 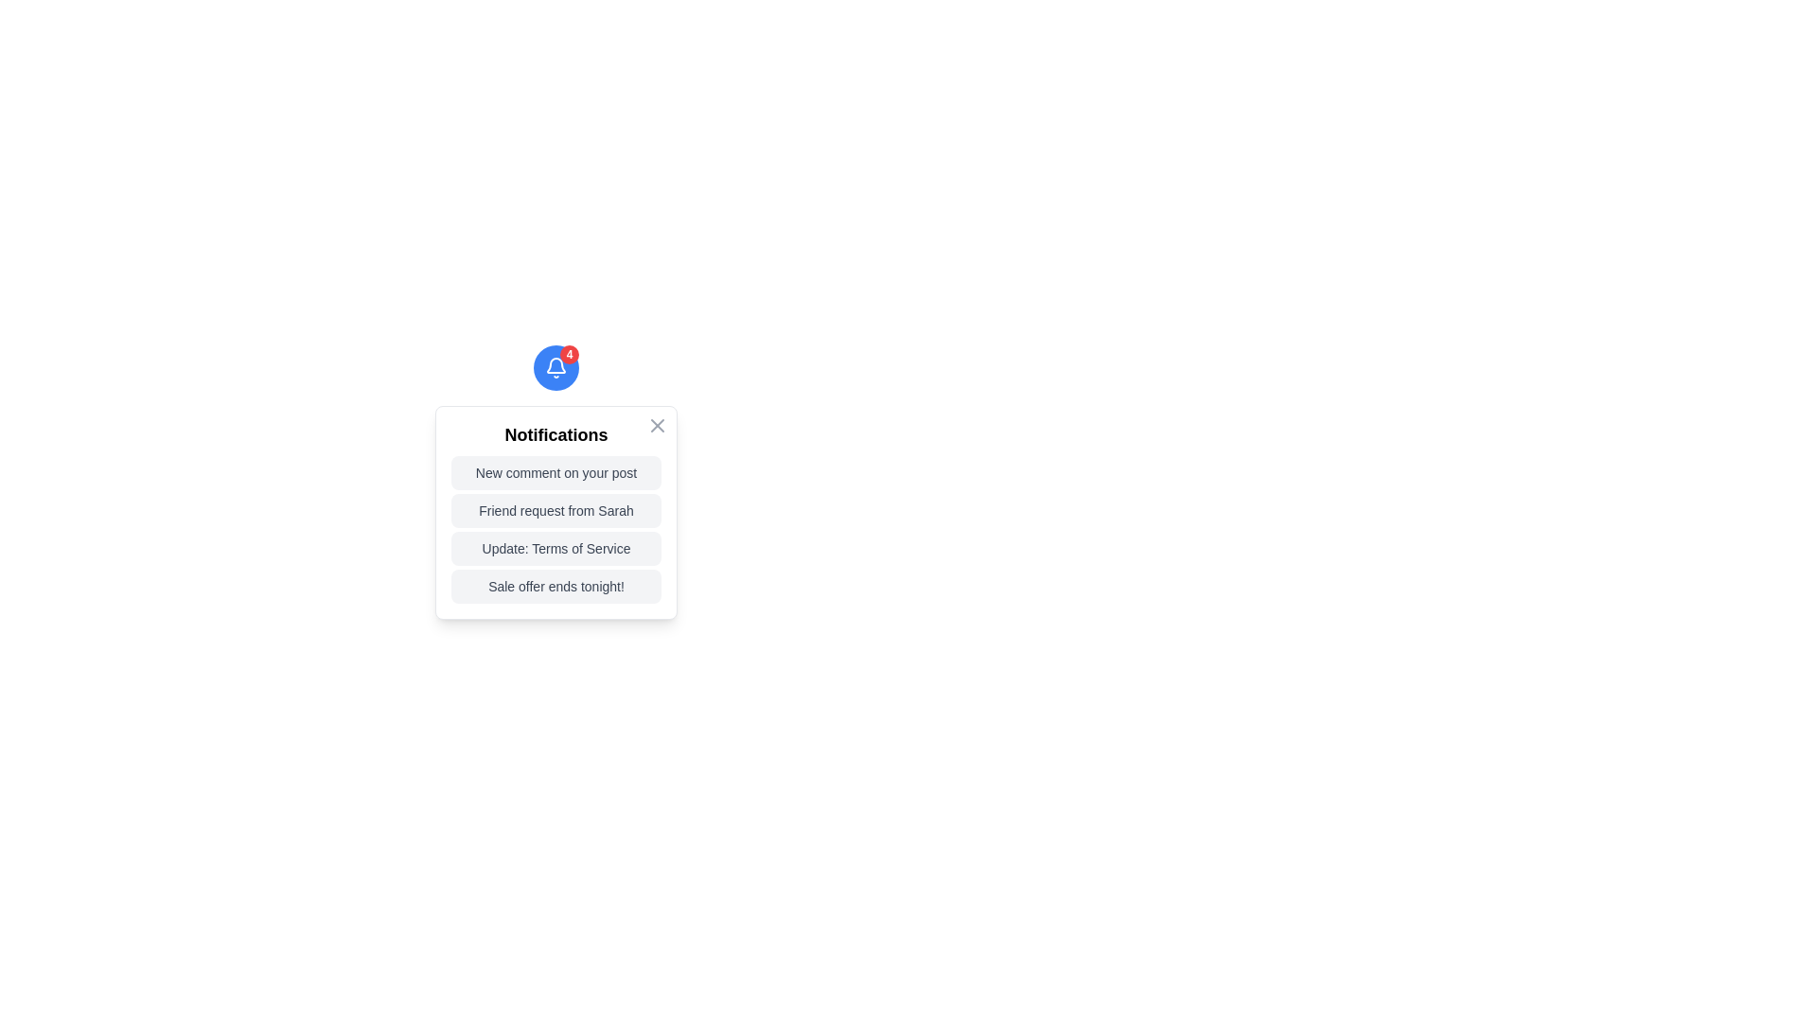 What do you see at coordinates (556, 586) in the screenshot?
I see `text of the fourth notification item in the notification popup, which alerts the user of the sale offer that ends tonight` at bounding box center [556, 586].